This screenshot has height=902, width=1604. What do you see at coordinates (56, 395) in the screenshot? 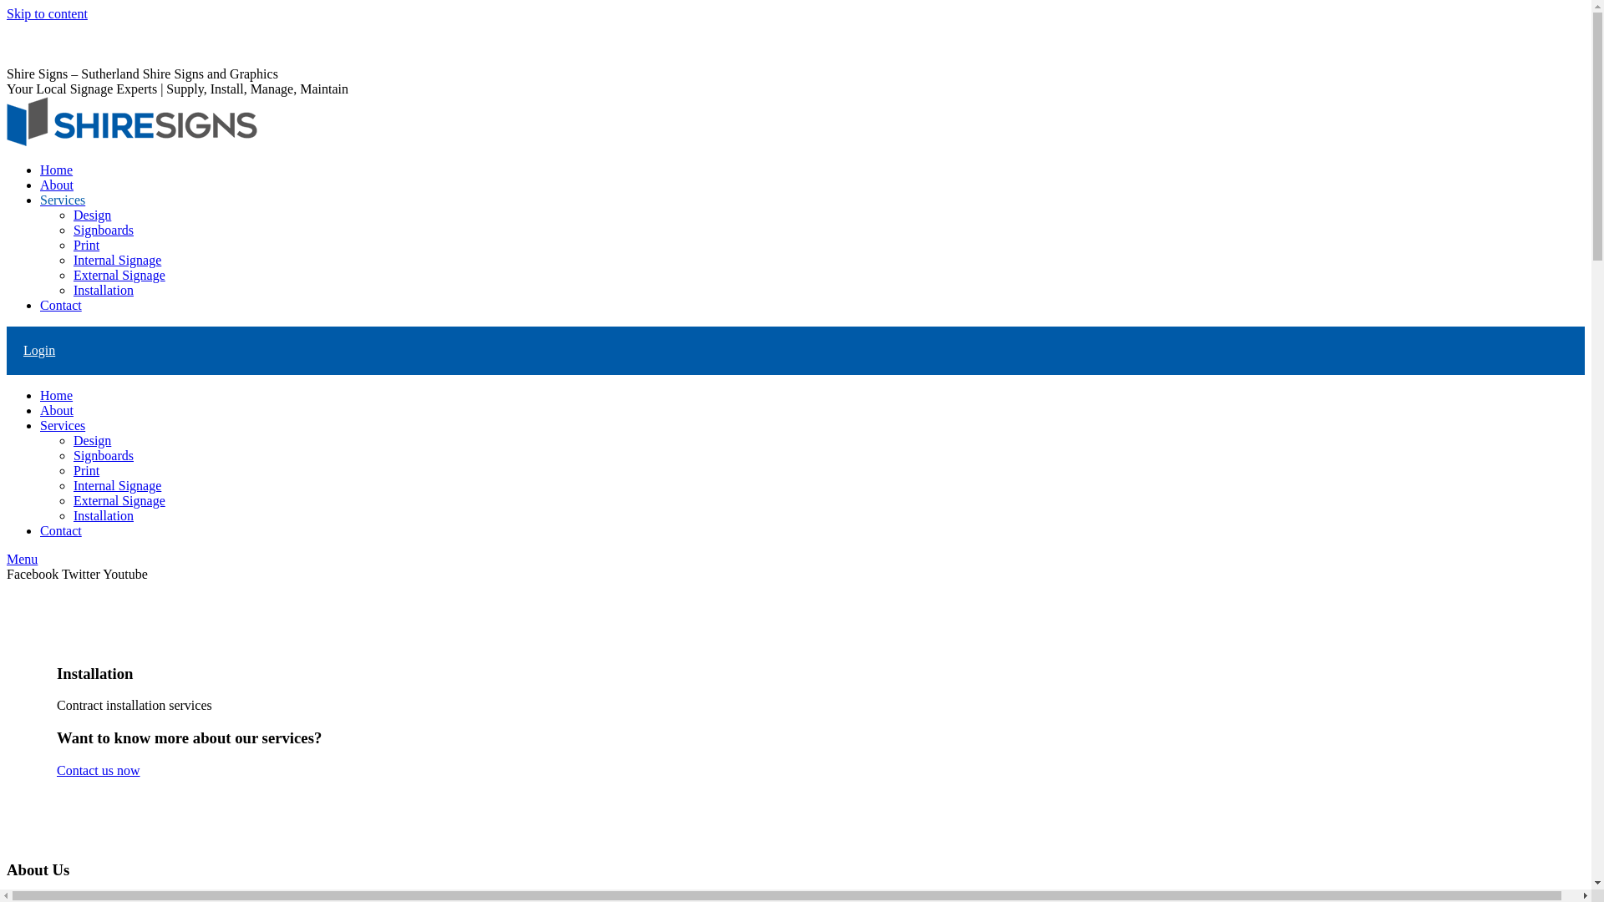
I see `'Home'` at bounding box center [56, 395].